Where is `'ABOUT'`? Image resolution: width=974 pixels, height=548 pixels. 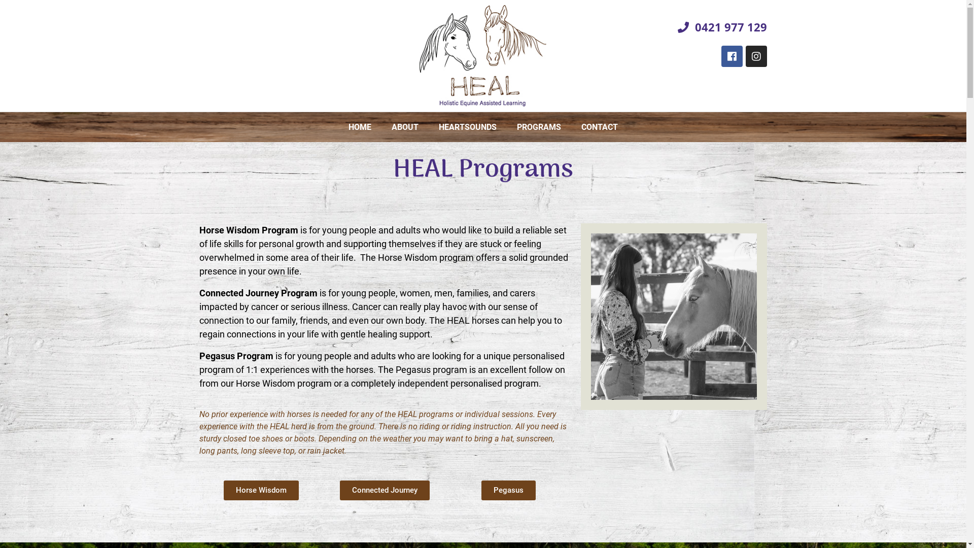 'ABOUT' is located at coordinates (404, 126).